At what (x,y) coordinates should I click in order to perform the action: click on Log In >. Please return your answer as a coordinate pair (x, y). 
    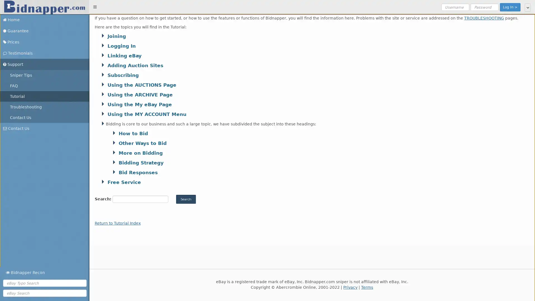
    Looking at the image, I should click on (510, 7).